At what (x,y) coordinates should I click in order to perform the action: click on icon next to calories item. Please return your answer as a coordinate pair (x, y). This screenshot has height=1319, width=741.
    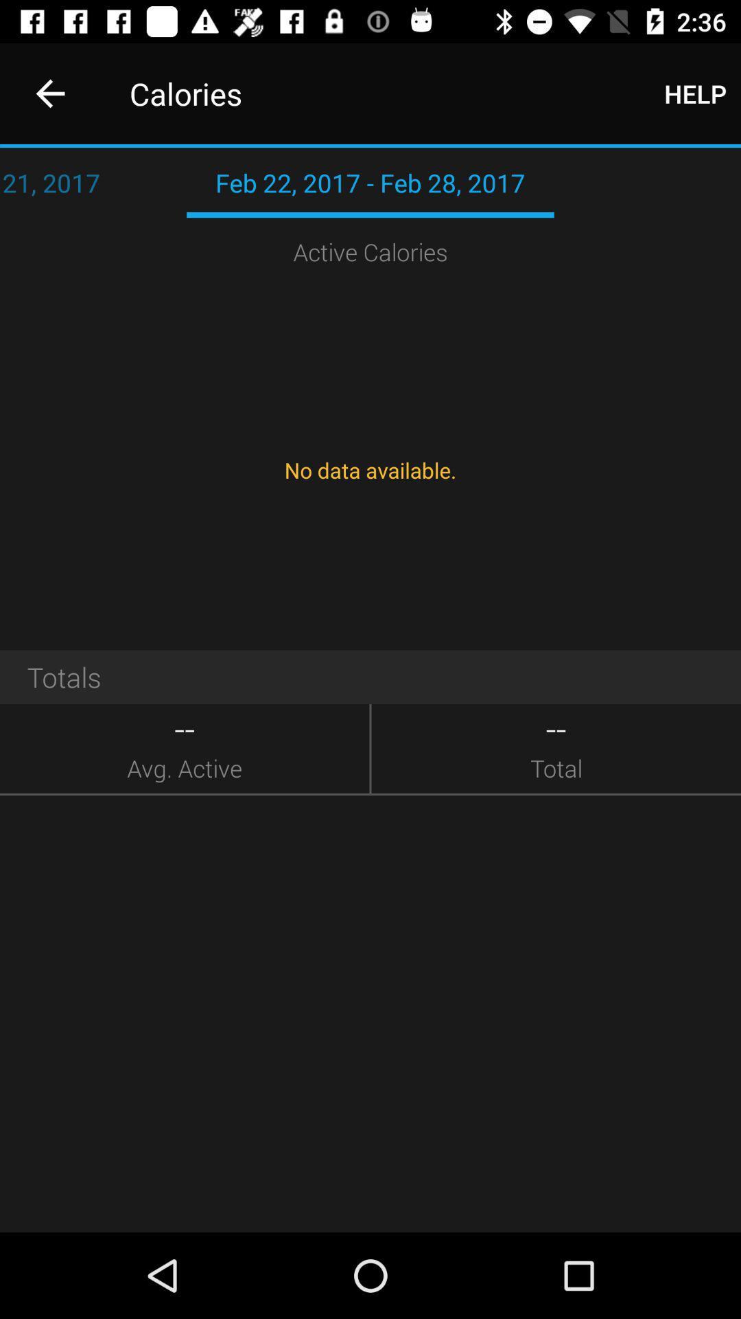
    Looking at the image, I should click on (695, 93).